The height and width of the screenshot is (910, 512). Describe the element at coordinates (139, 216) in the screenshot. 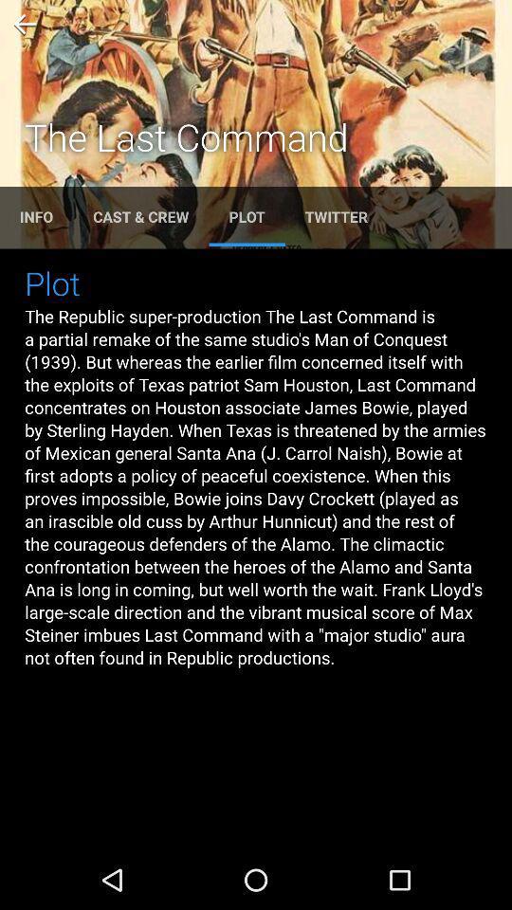

I see `the text cast  crew` at that location.